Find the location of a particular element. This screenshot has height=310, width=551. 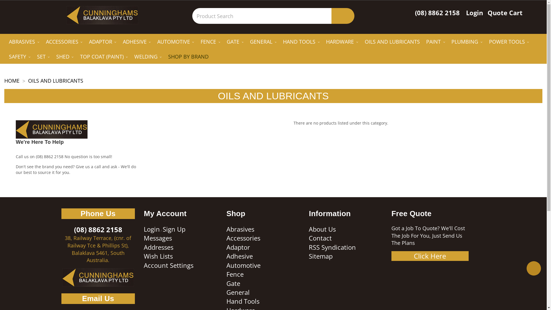

'Click Here' is located at coordinates (430, 255).